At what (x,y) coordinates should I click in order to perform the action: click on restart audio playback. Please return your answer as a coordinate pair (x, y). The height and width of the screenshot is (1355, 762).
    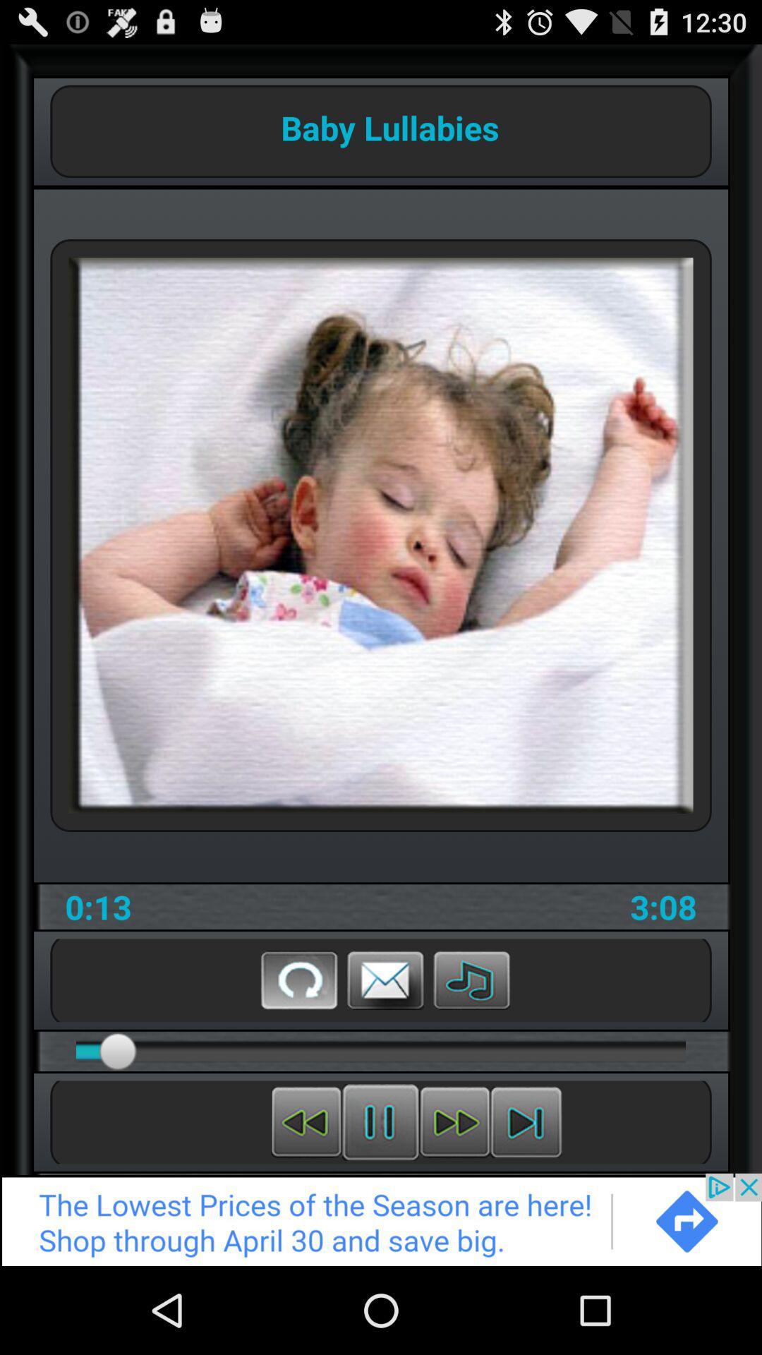
    Looking at the image, I should click on (306, 1121).